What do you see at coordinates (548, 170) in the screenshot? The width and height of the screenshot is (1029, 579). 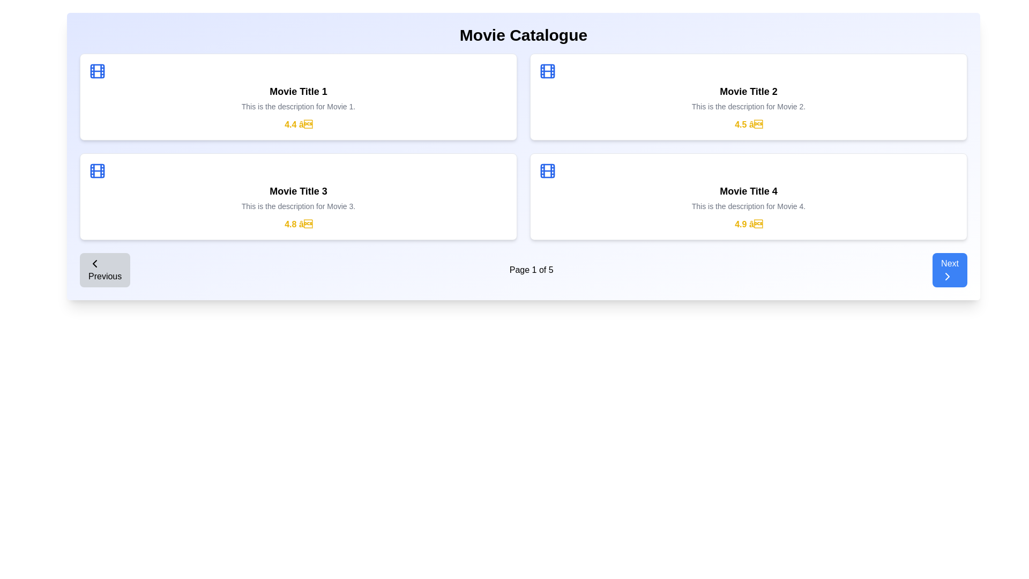 I see `the graphic decorative element` at bounding box center [548, 170].